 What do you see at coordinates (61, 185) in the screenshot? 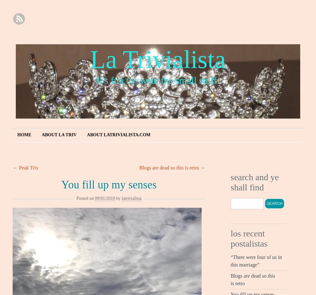
I see `'You fill up my senses'` at bounding box center [61, 185].